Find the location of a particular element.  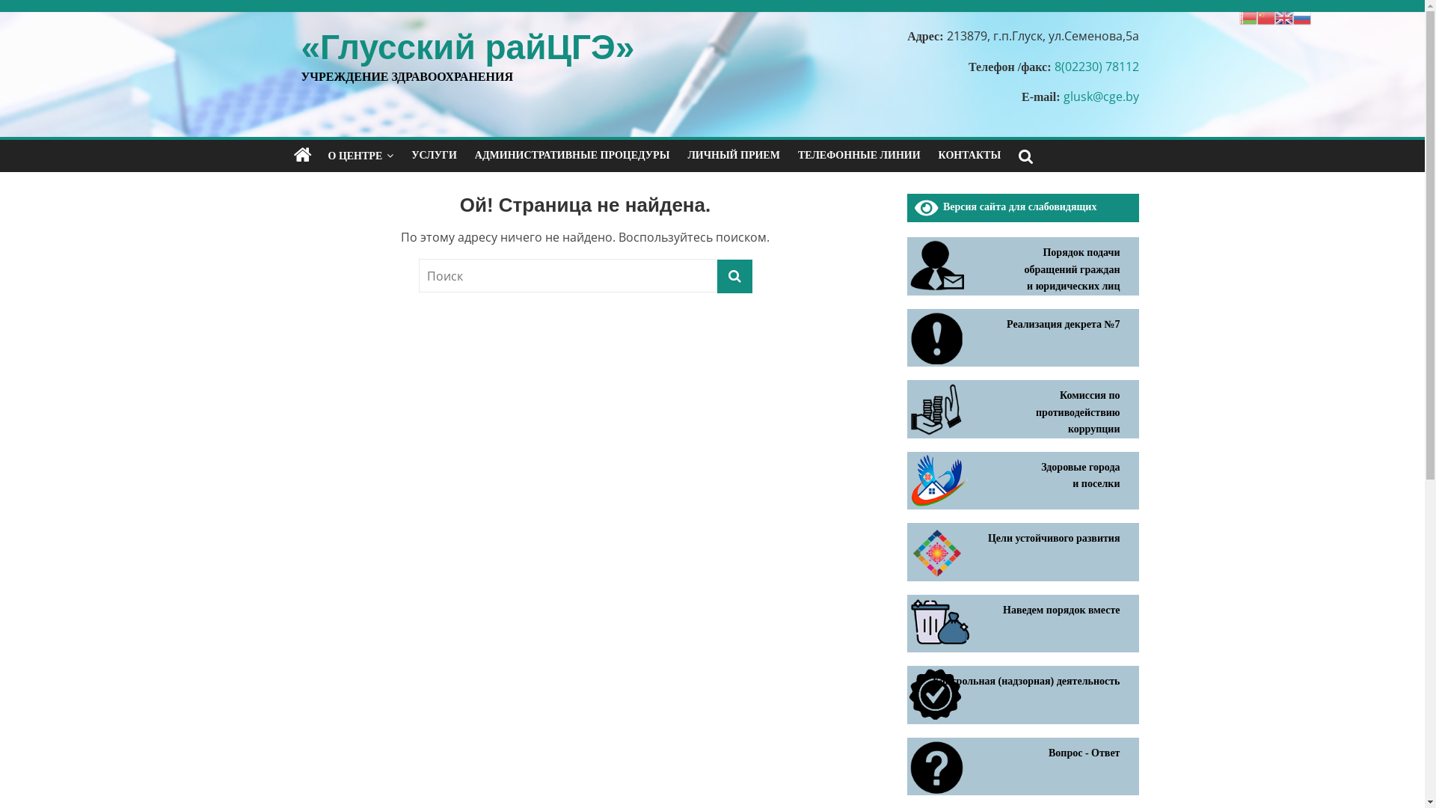

'Russian' is located at coordinates (1301, 16).